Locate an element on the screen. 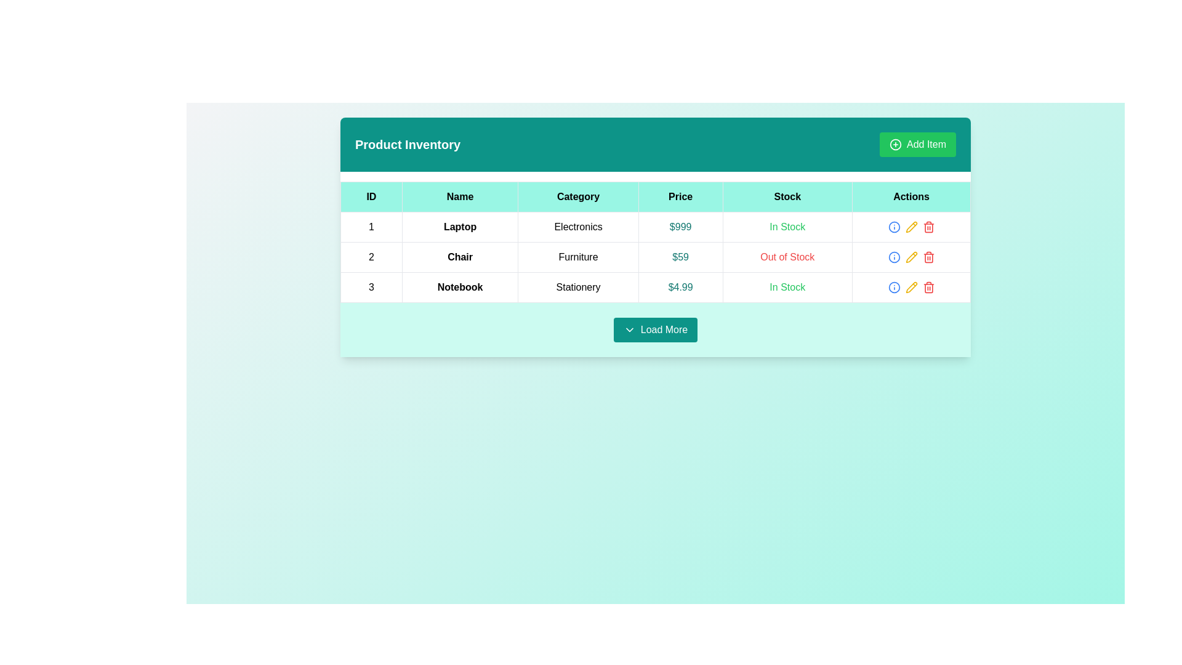 Image resolution: width=1182 pixels, height=665 pixels. the red trash can icon, which is the rightmost action icon in the 'Actions' column of the last row in the data table is located at coordinates (928, 227).